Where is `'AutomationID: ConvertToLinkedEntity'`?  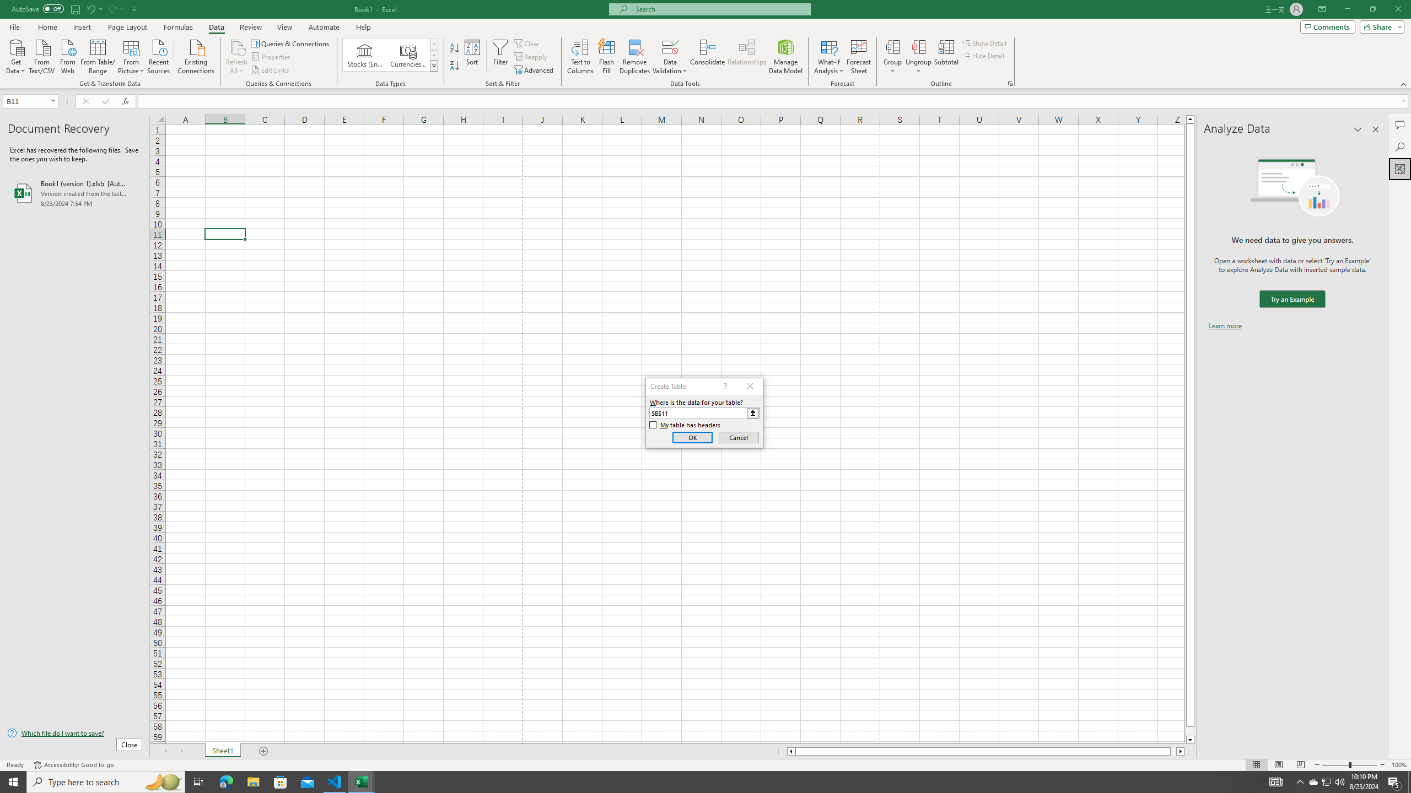
'AutomationID: ConvertToLinkedEntity' is located at coordinates (391, 55).